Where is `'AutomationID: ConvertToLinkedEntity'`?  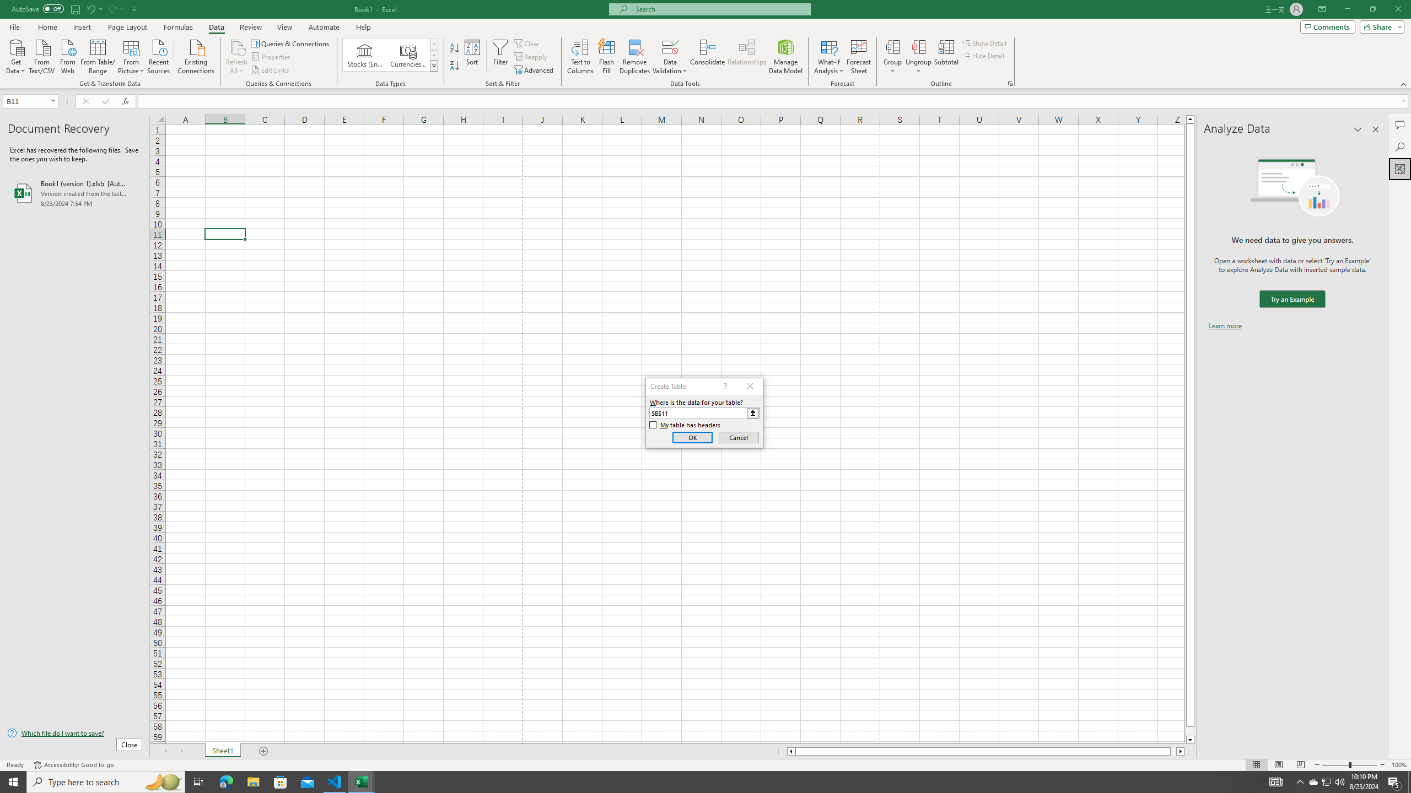
'AutomationID: ConvertToLinkedEntity' is located at coordinates (391, 55).